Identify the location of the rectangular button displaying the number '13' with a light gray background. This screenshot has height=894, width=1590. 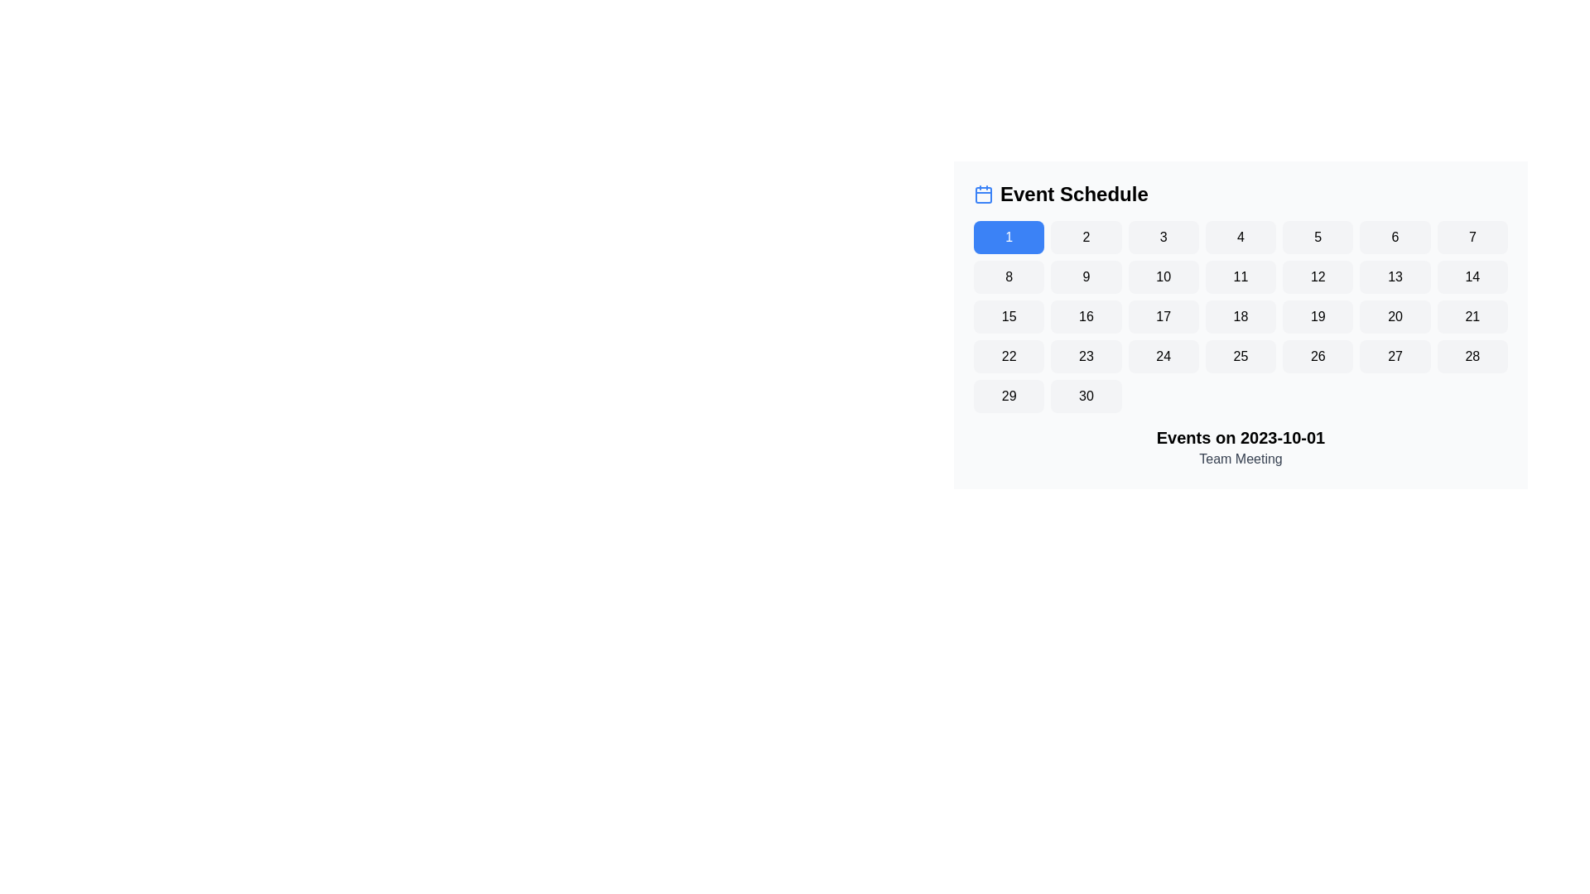
(1394, 276).